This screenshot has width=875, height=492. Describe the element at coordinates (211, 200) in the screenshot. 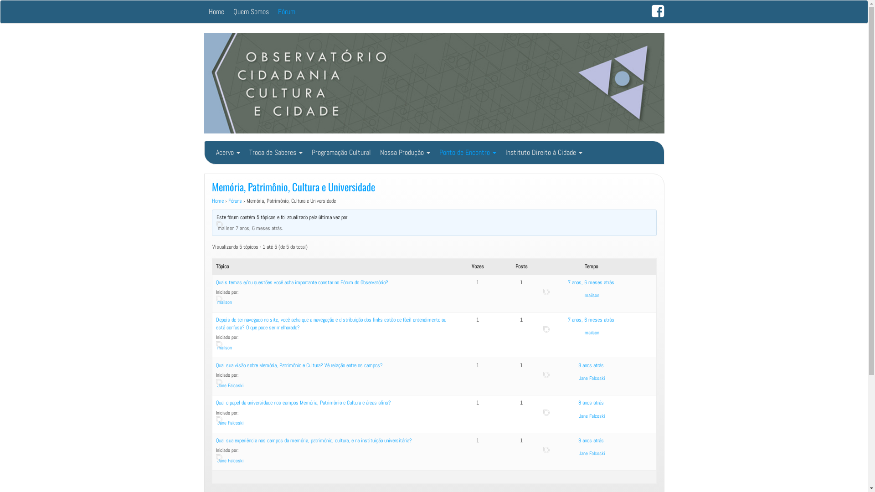

I see `'Home'` at that location.